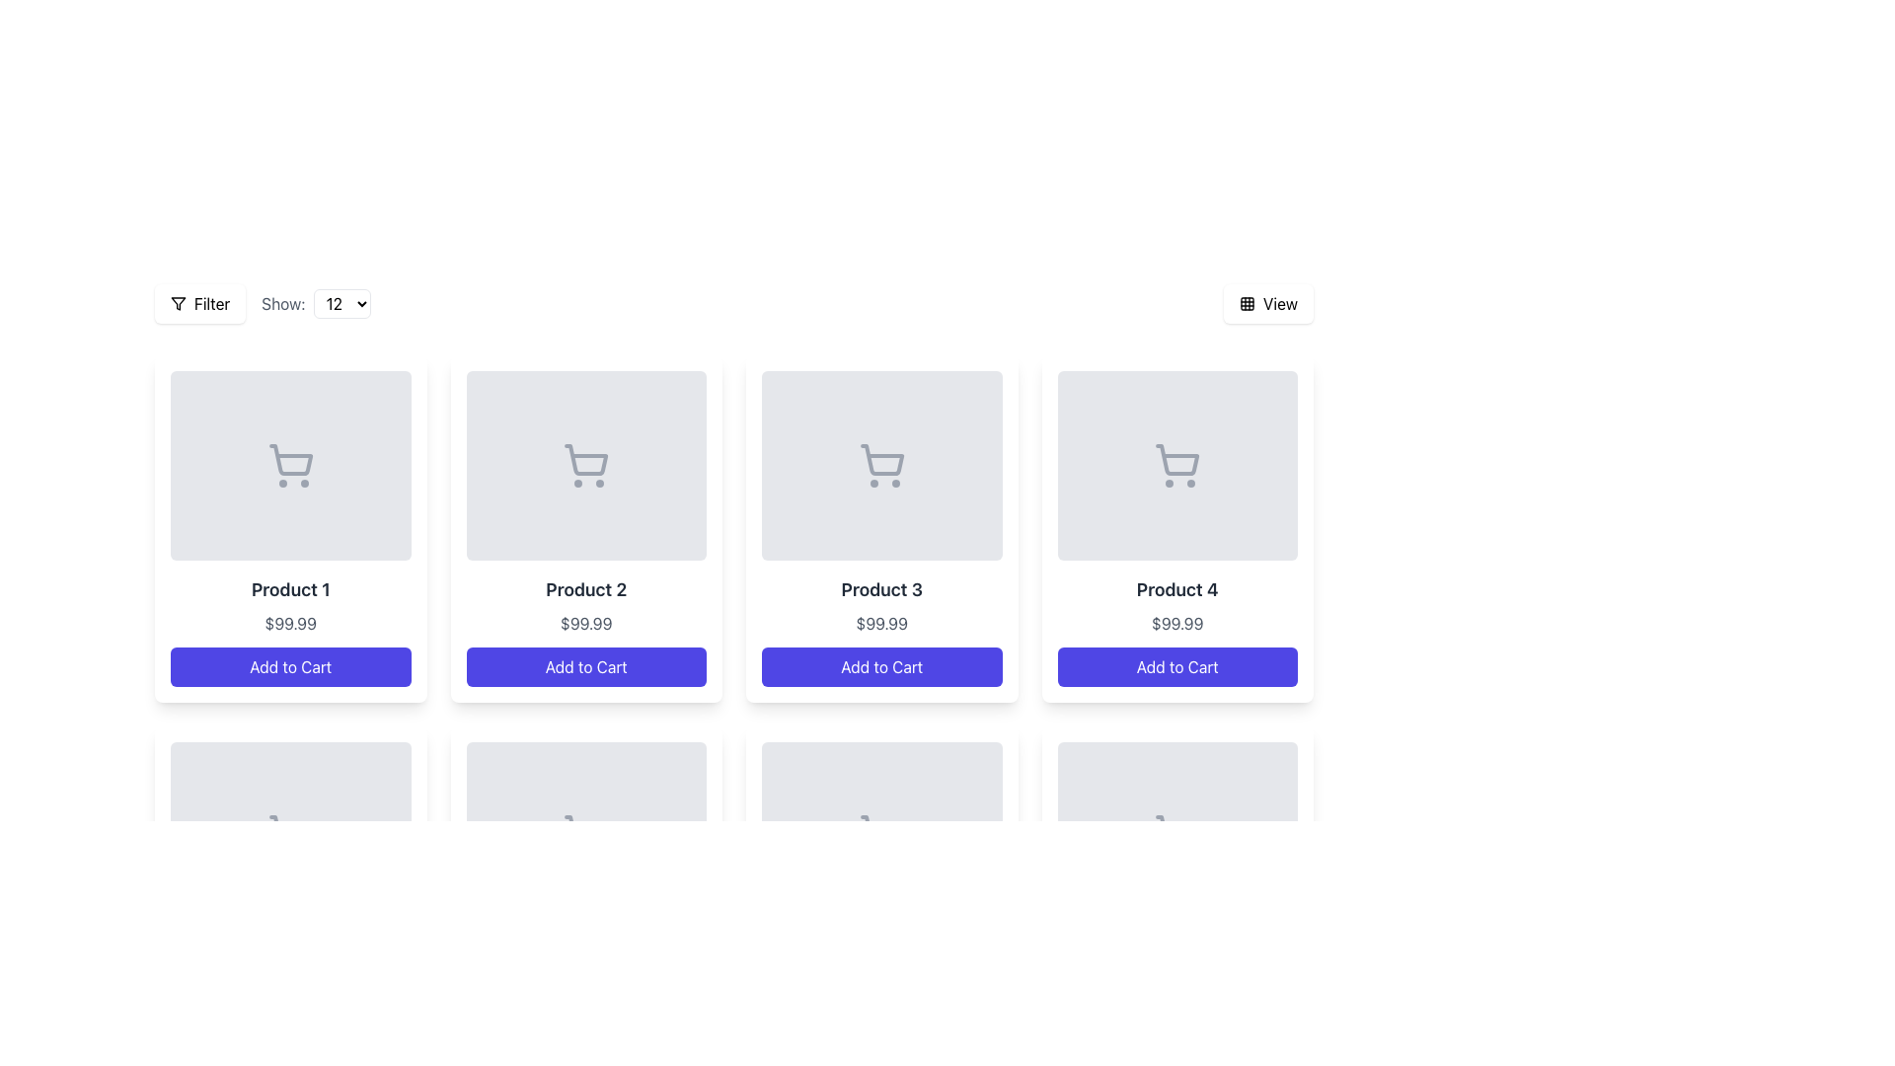 This screenshot has width=1895, height=1066. Describe the element at coordinates (1177, 588) in the screenshot. I see `text label that says 'Product 4', which is prominently displayed in a large bold gray font within the fourth product card` at that location.